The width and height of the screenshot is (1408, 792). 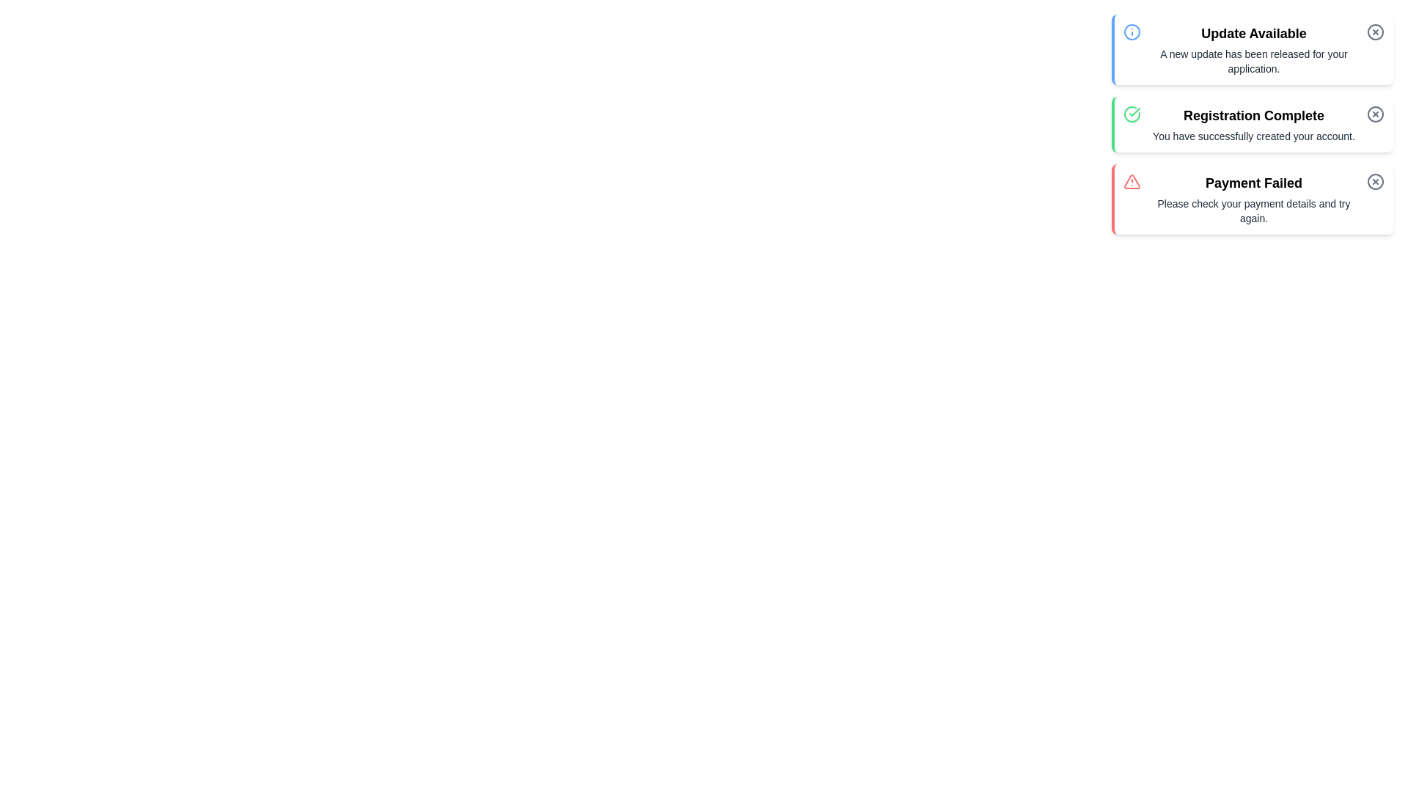 I want to click on the warning icon located to the left of the 'Payment Failed' notification message, so click(x=1132, y=180).